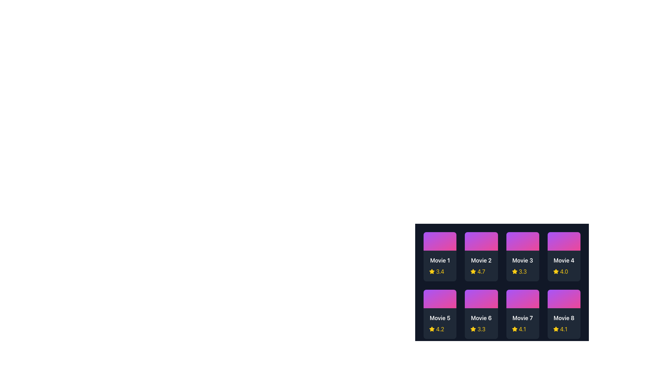 This screenshot has width=671, height=377. Describe the element at coordinates (481, 257) in the screenshot. I see `the second movie card in the grid layout` at that location.